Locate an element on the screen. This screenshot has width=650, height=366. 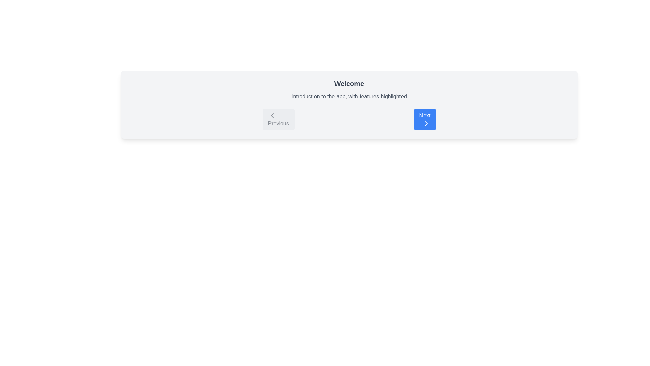
the navigation arrow icon located to the left of the 'Previous' button is located at coordinates (272, 115).